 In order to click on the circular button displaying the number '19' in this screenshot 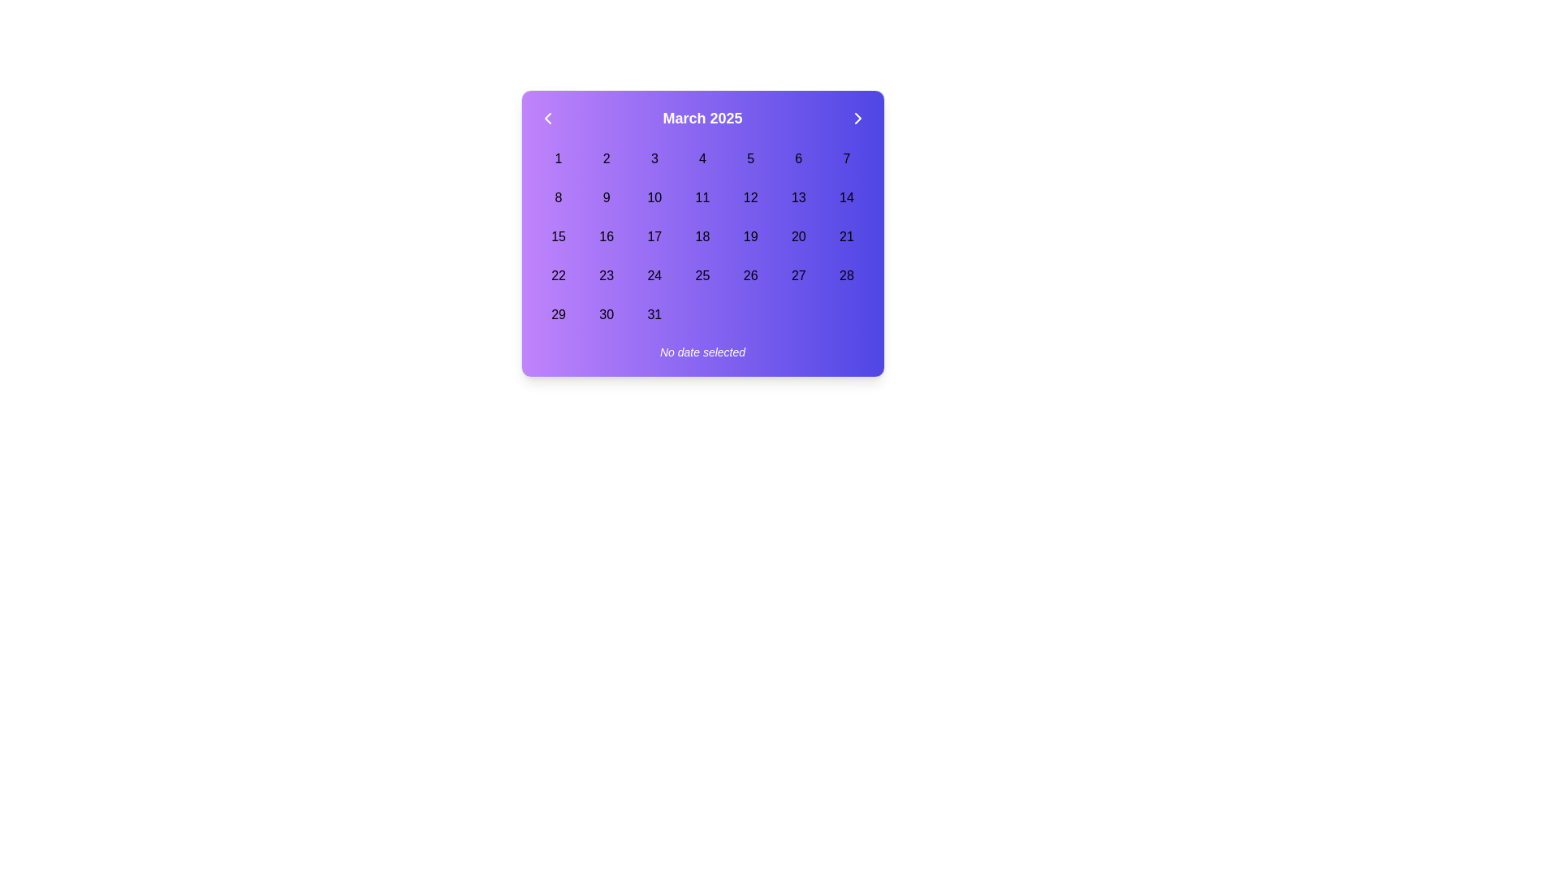, I will do `click(749, 237)`.